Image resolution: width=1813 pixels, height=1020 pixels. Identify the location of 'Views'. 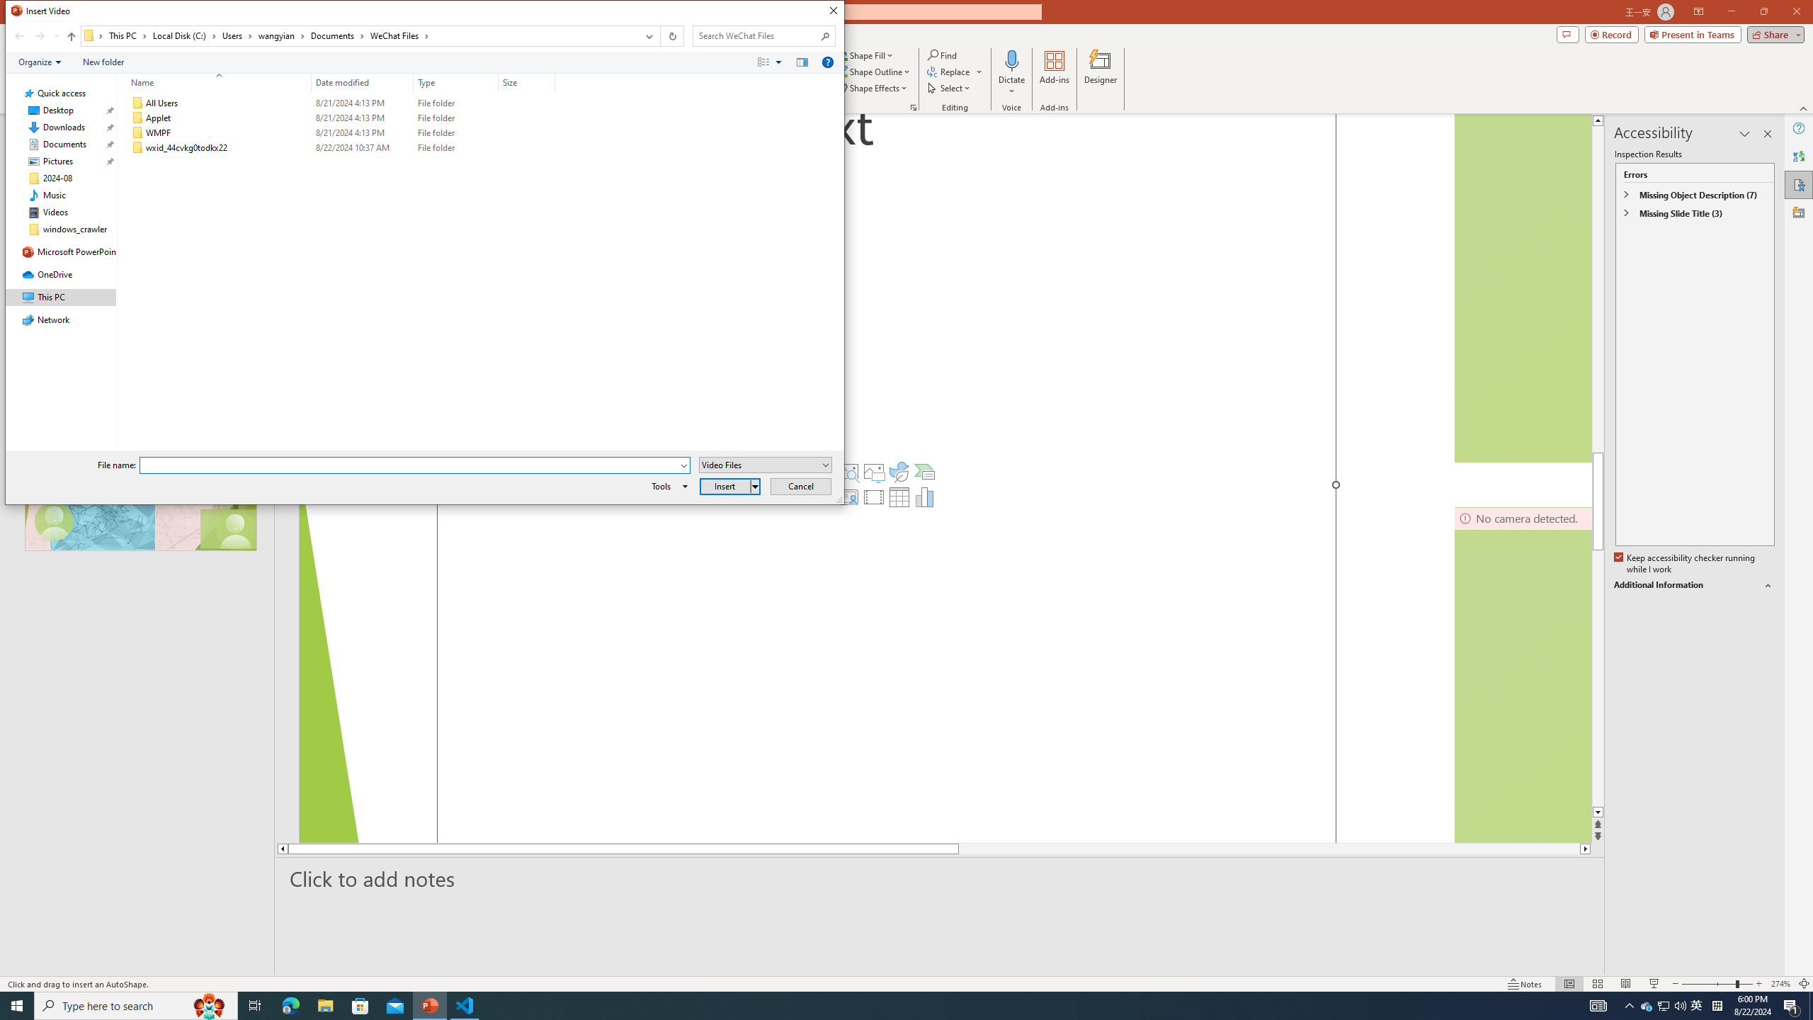
(773, 62).